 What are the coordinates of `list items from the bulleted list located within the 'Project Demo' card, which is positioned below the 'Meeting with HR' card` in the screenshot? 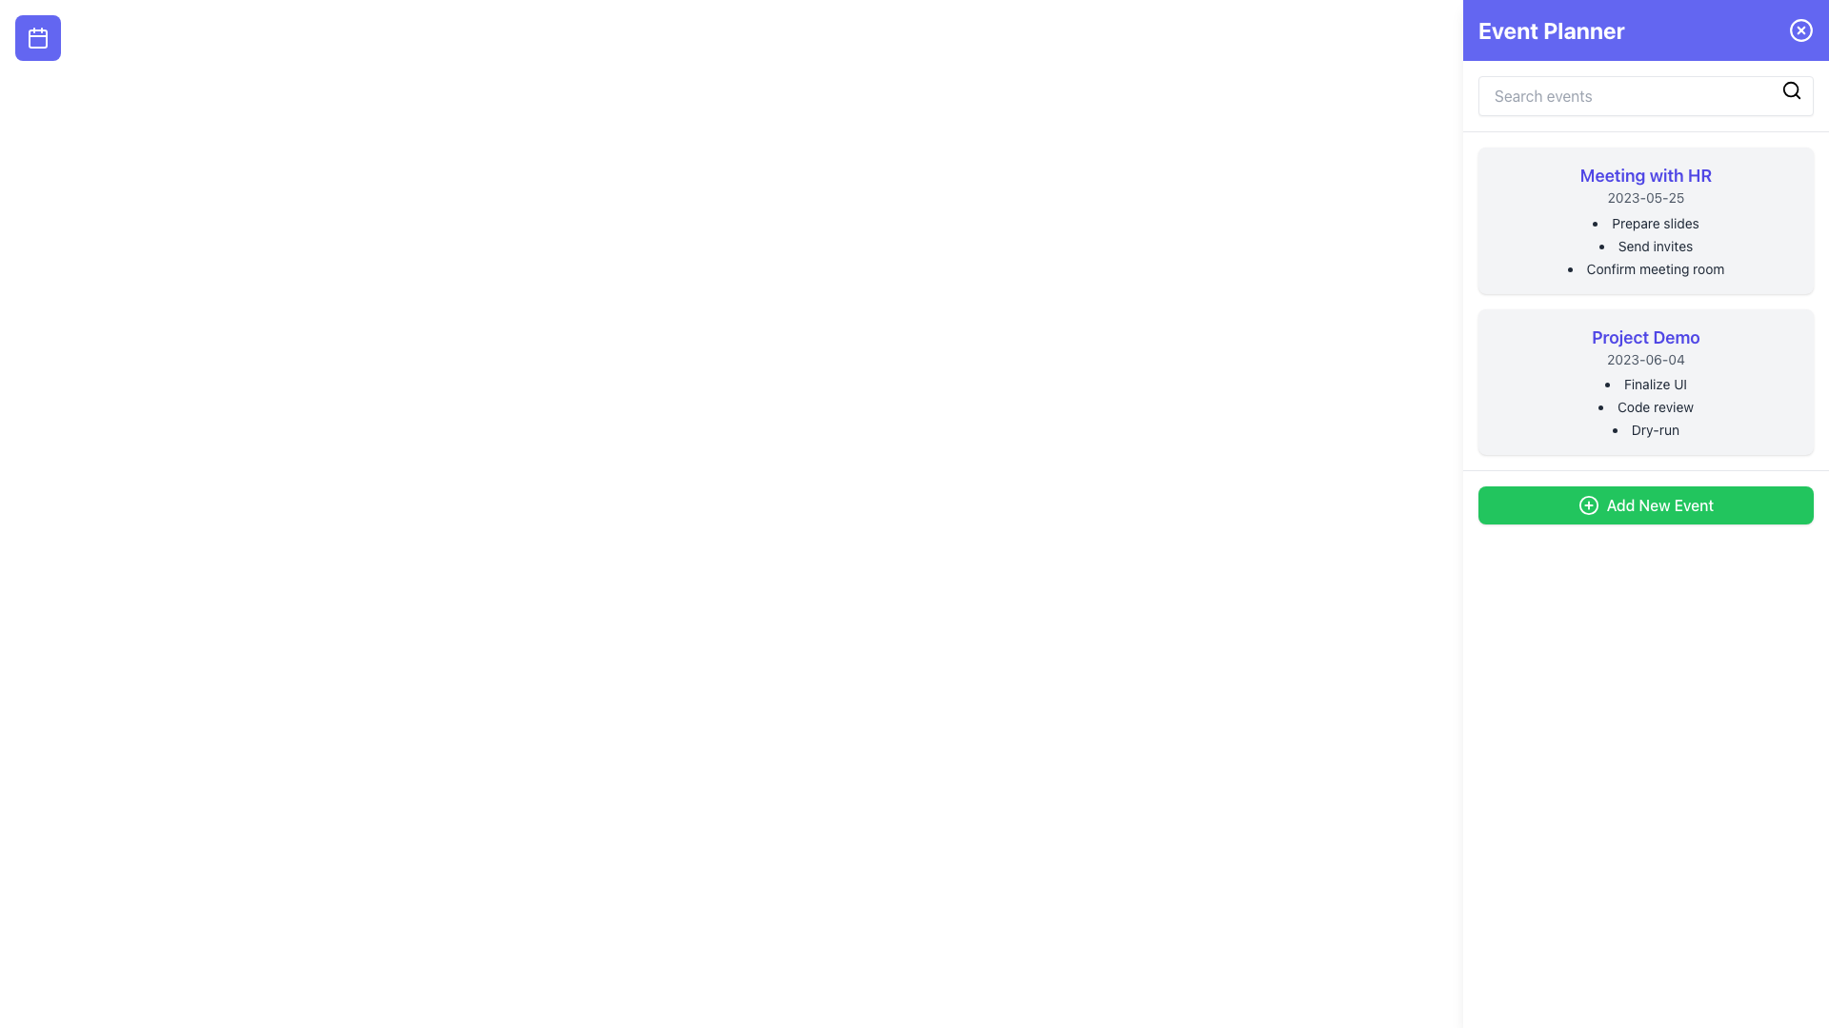 It's located at (1645, 406).